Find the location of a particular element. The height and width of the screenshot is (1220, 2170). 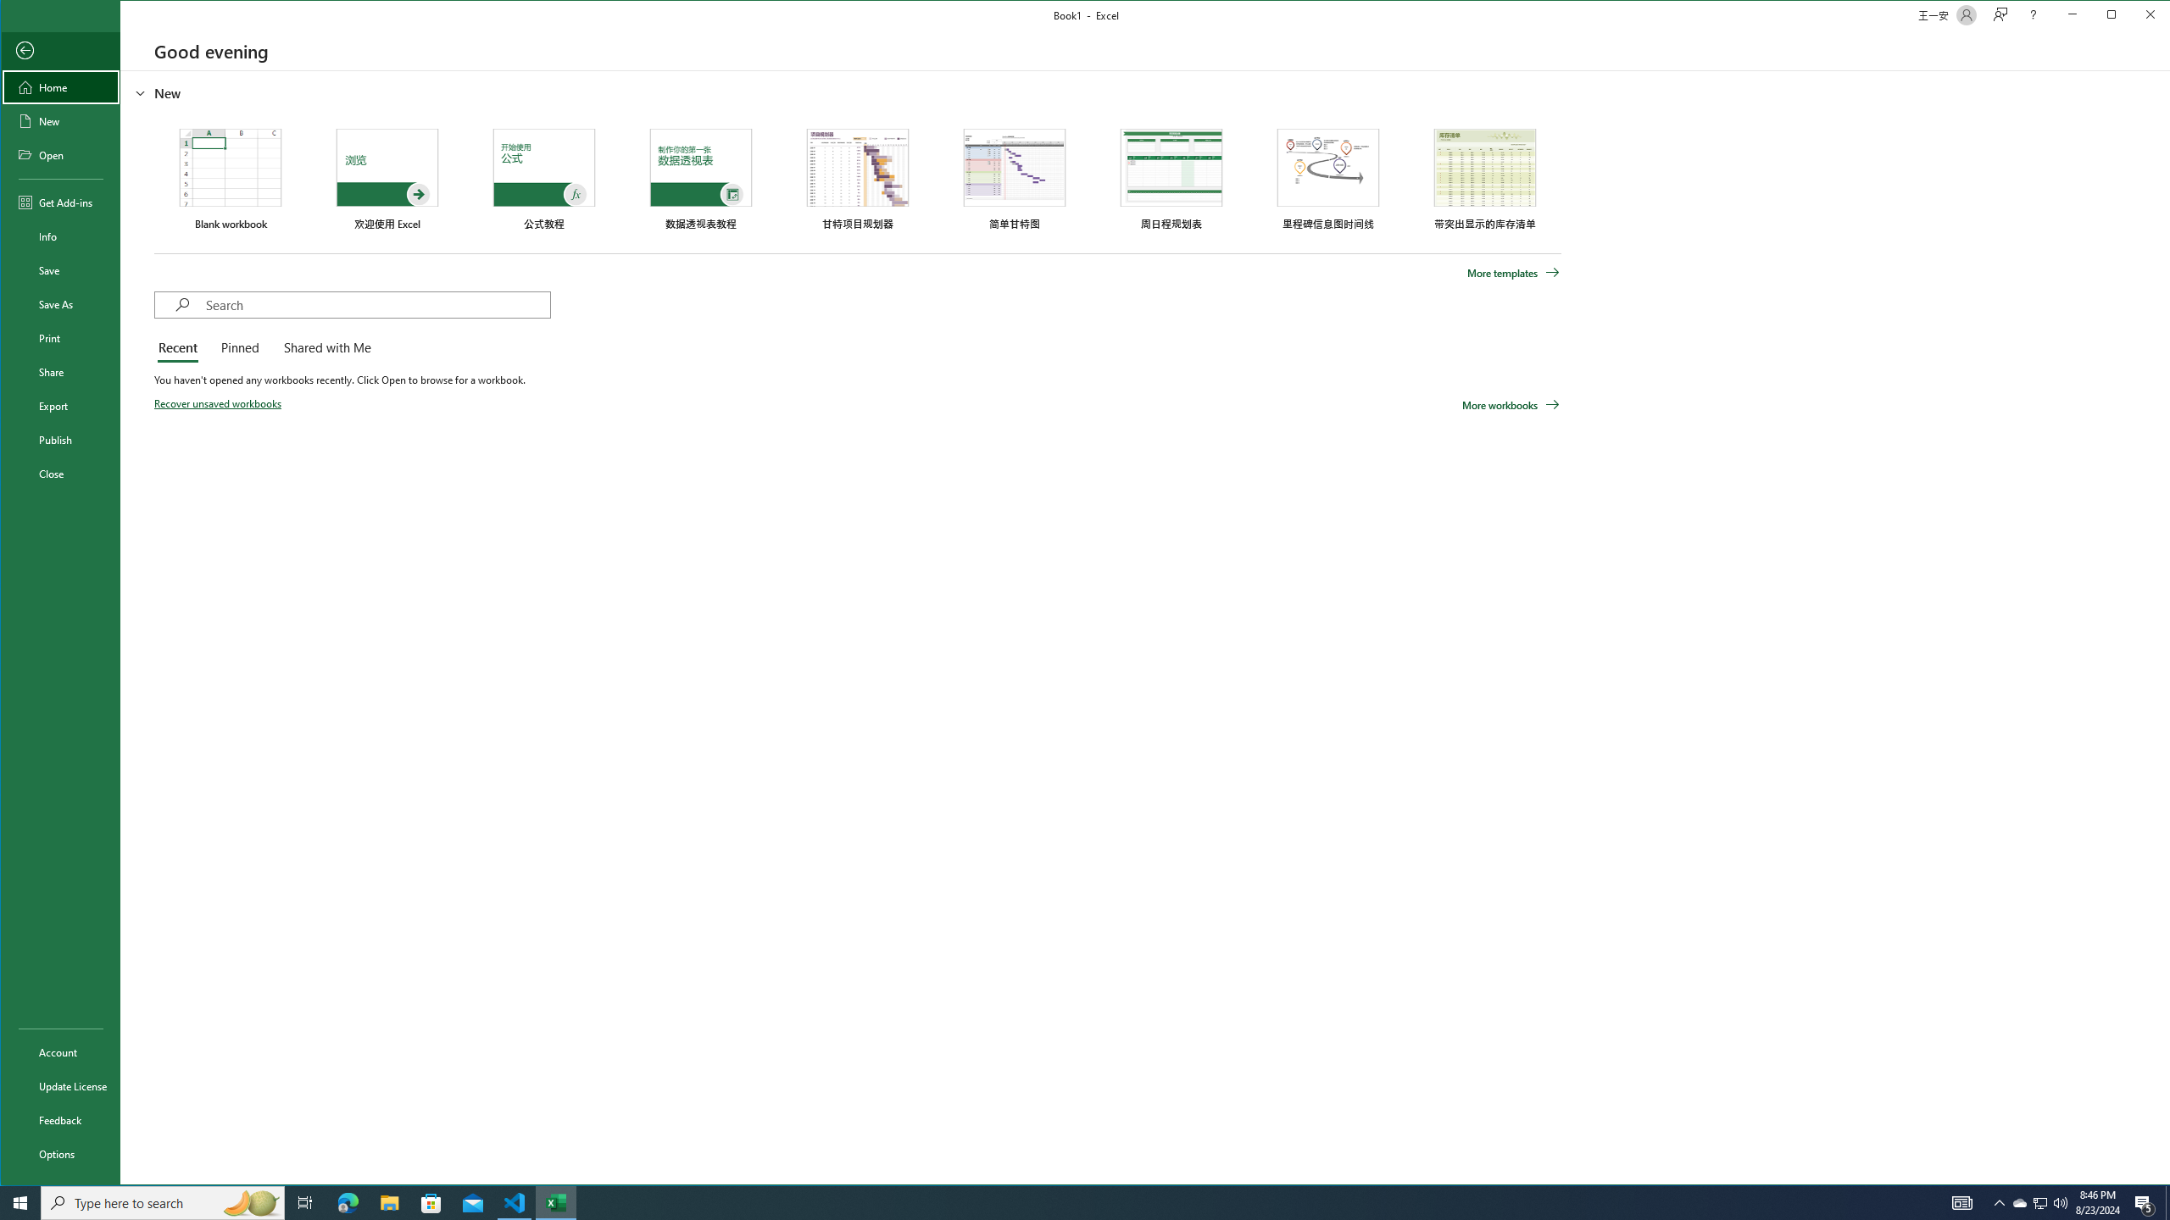

'Info' is located at coordinates (59, 236).